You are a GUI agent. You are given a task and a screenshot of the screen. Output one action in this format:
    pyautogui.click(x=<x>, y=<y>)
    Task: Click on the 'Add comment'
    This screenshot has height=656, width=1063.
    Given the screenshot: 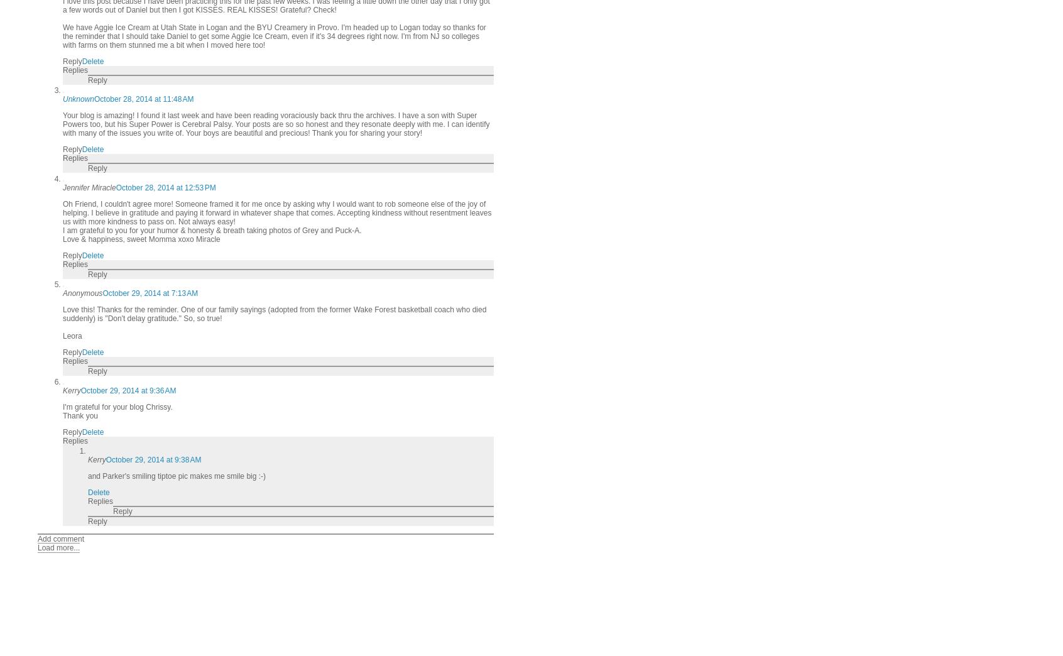 What is the action you would take?
    pyautogui.click(x=60, y=538)
    